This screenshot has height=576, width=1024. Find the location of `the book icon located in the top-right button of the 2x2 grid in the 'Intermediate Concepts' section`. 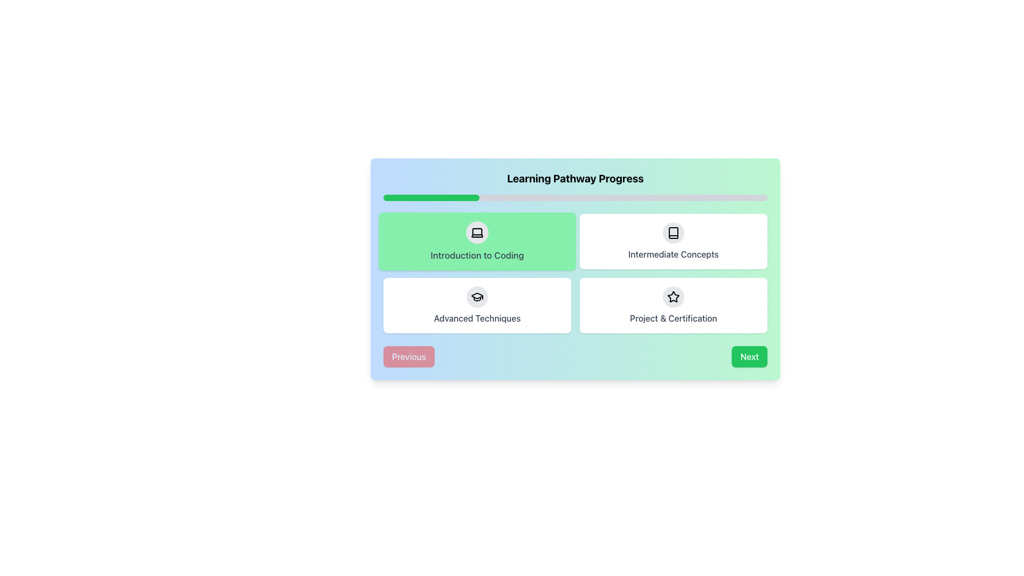

the book icon located in the top-right button of the 2x2 grid in the 'Intermediate Concepts' section is located at coordinates (673, 232).